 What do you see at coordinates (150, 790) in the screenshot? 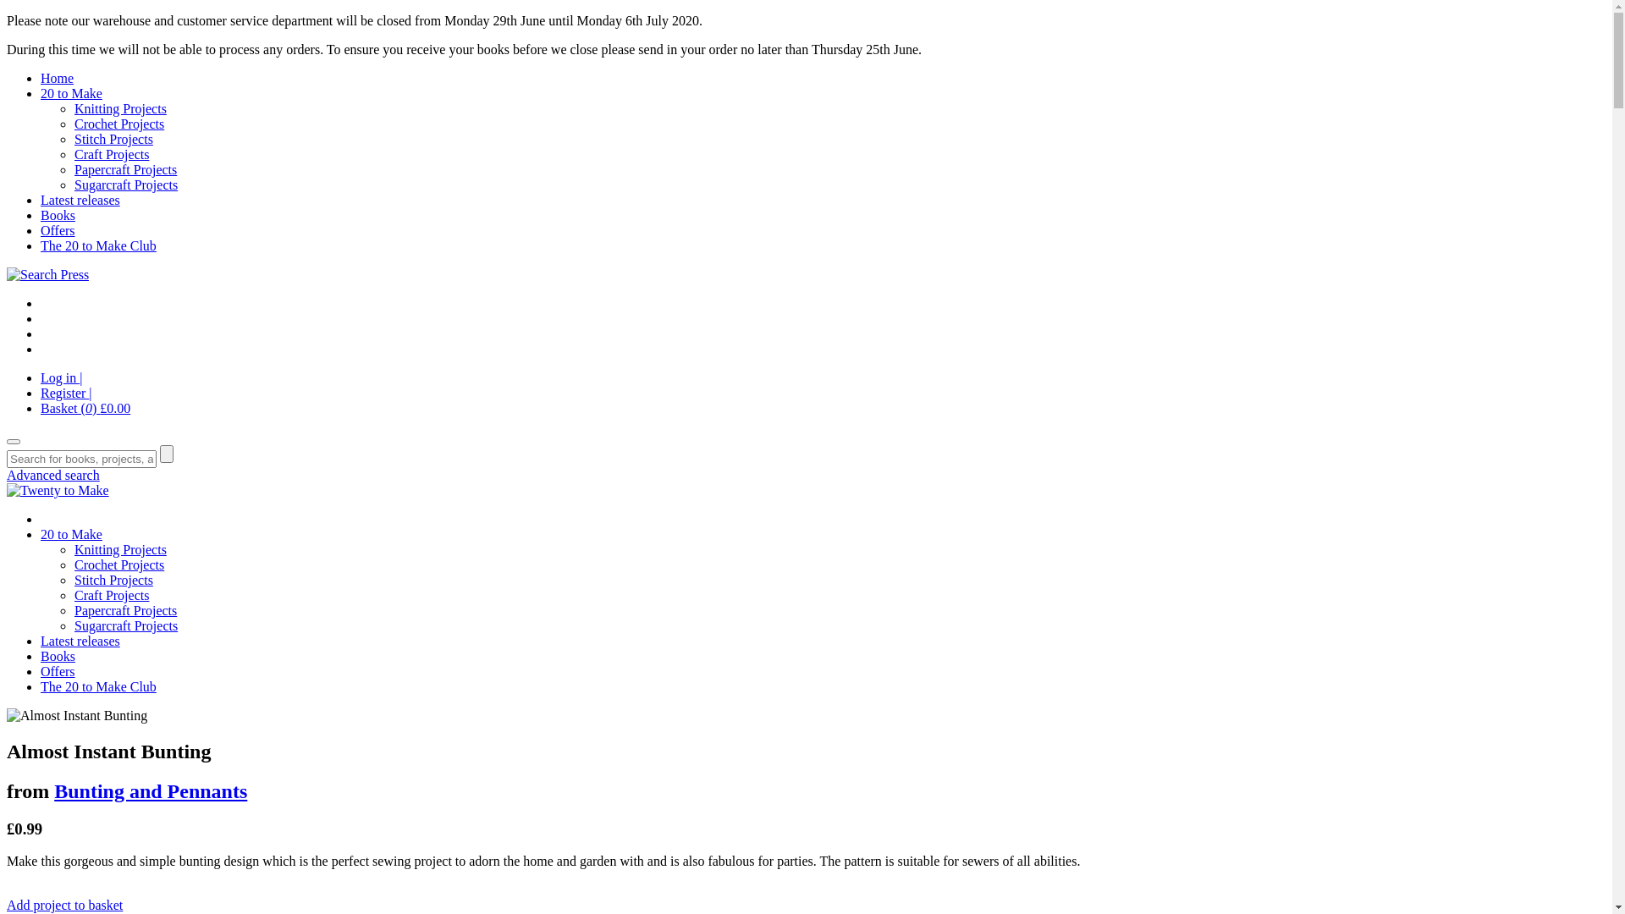
I see `'Bunting and Pennants'` at bounding box center [150, 790].